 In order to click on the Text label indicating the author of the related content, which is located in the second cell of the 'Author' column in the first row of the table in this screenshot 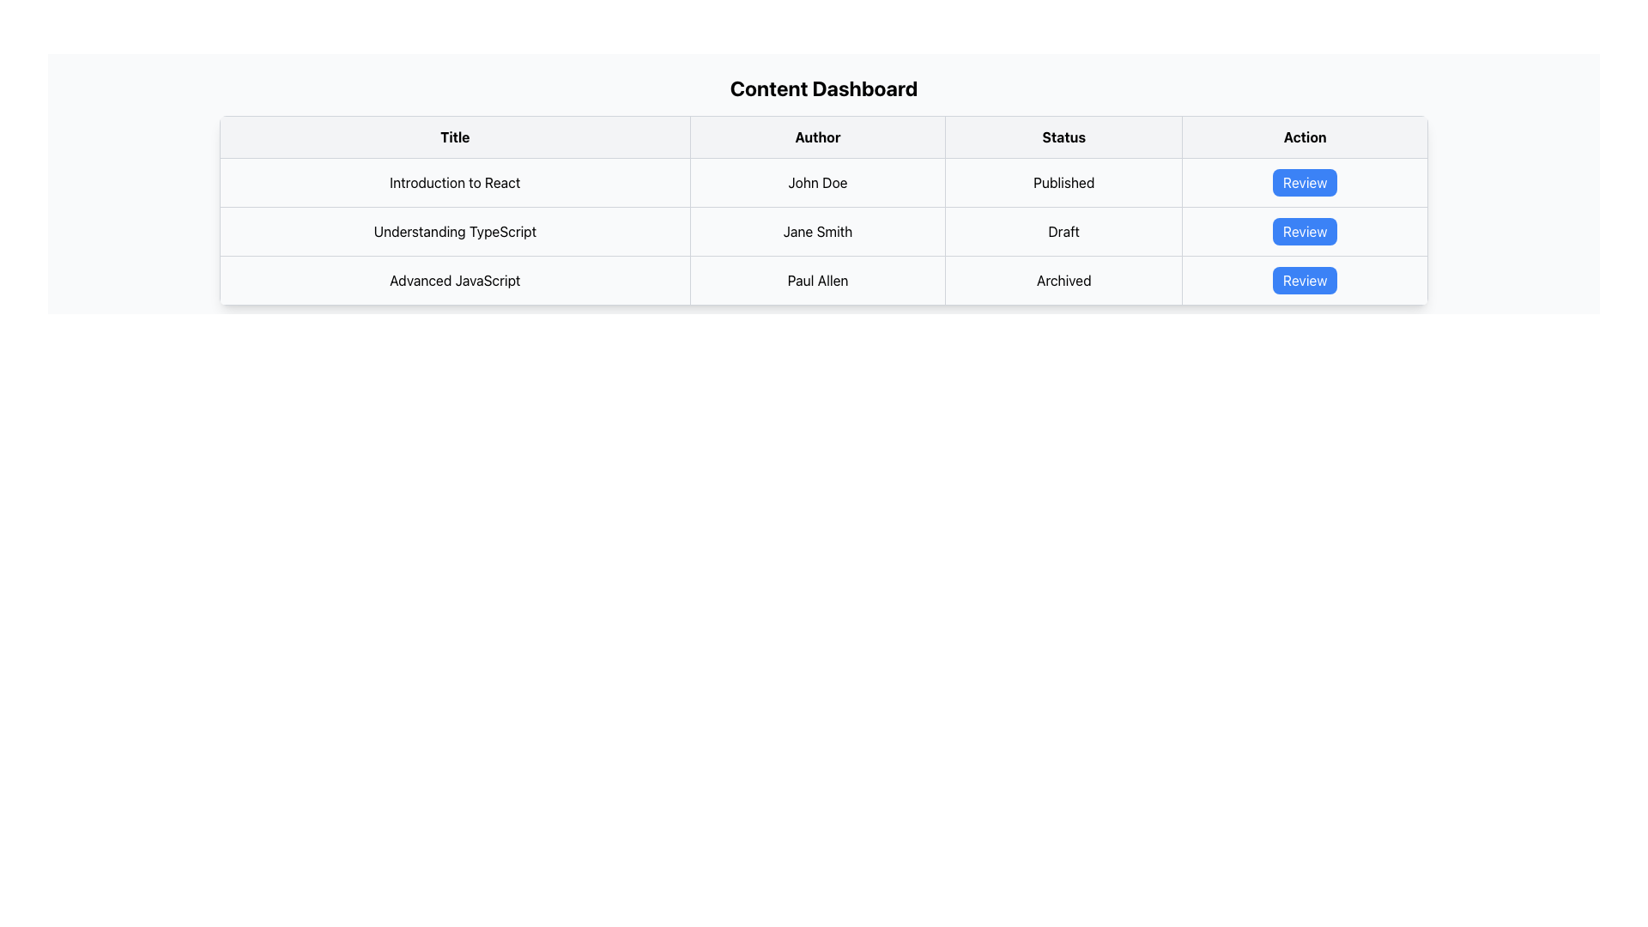, I will do `click(816, 182)`.